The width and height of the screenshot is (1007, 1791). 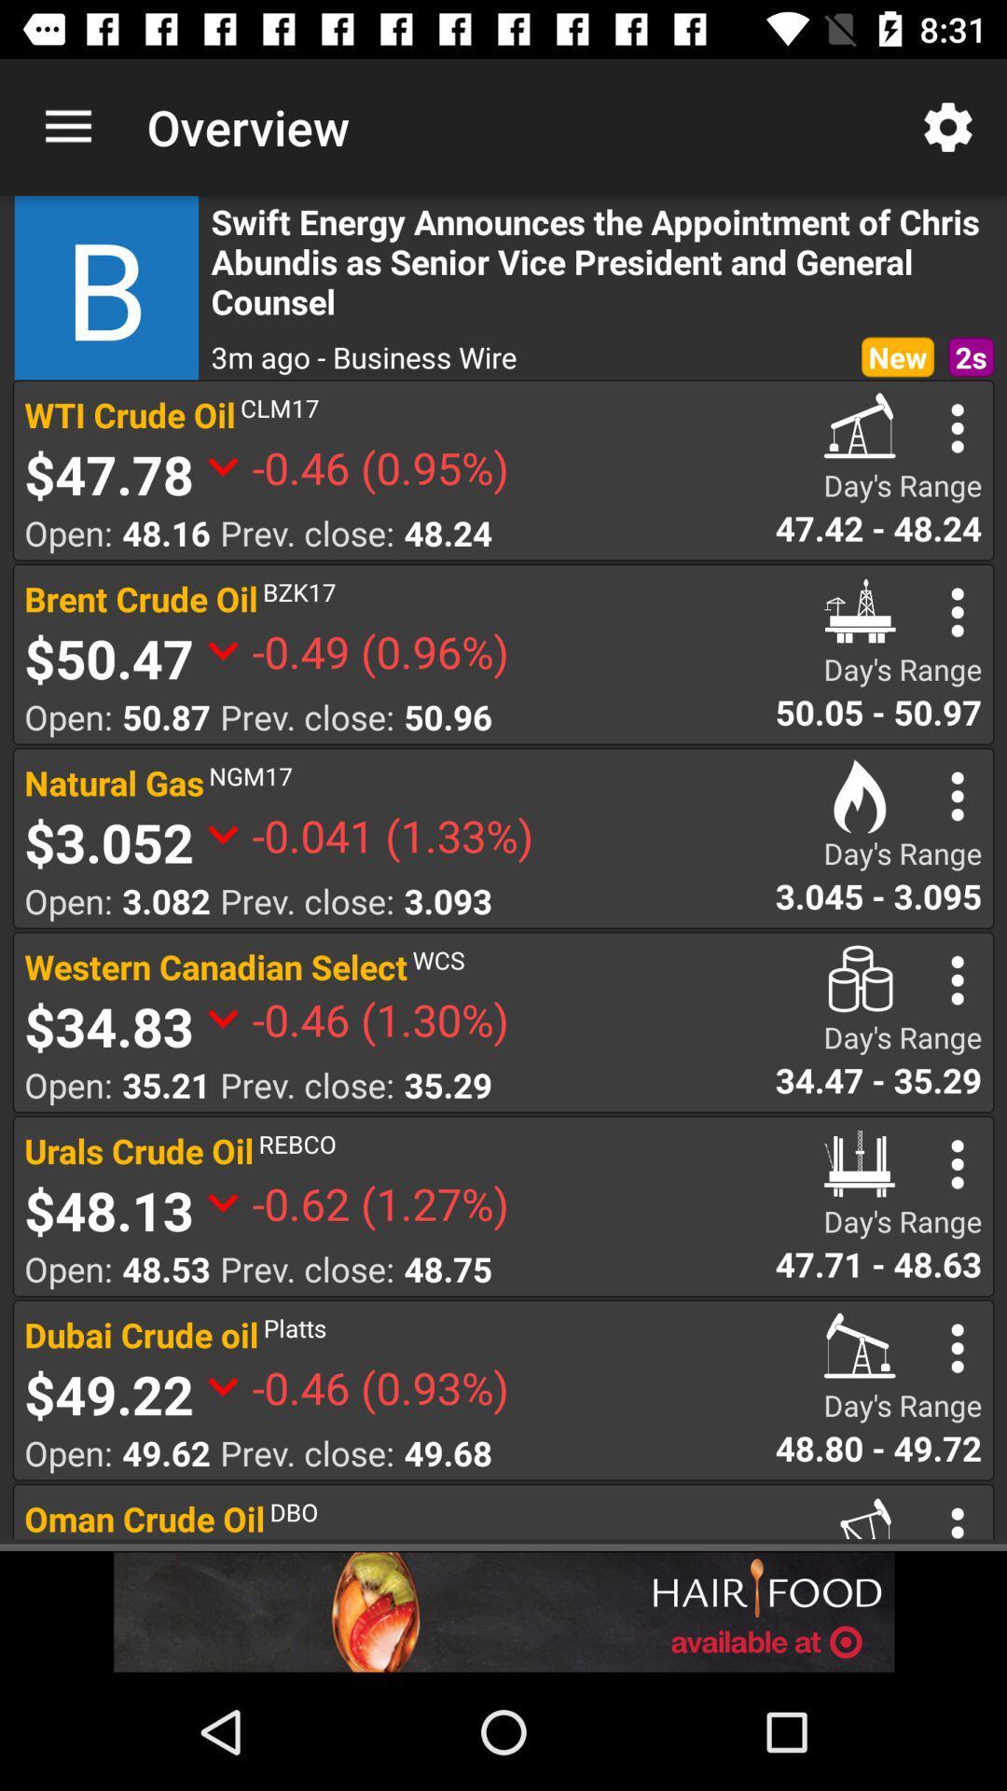 I want to click on open status, so click(x=958, y=427).